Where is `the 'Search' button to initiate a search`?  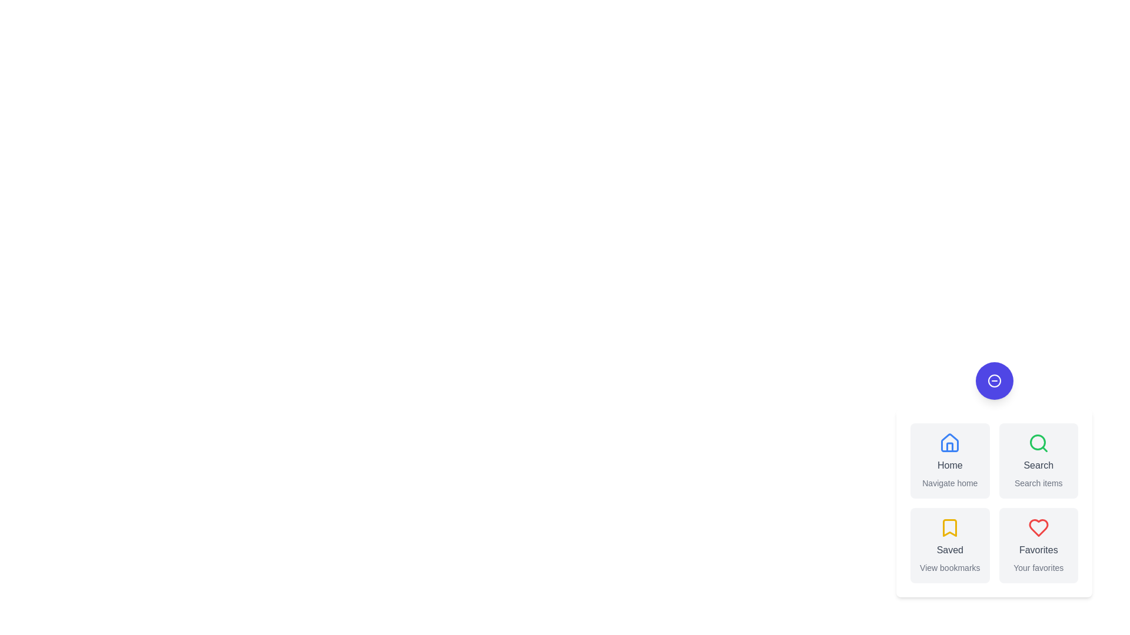
the 'Search' button to initiate a search is located at coordinates (1038, 460).